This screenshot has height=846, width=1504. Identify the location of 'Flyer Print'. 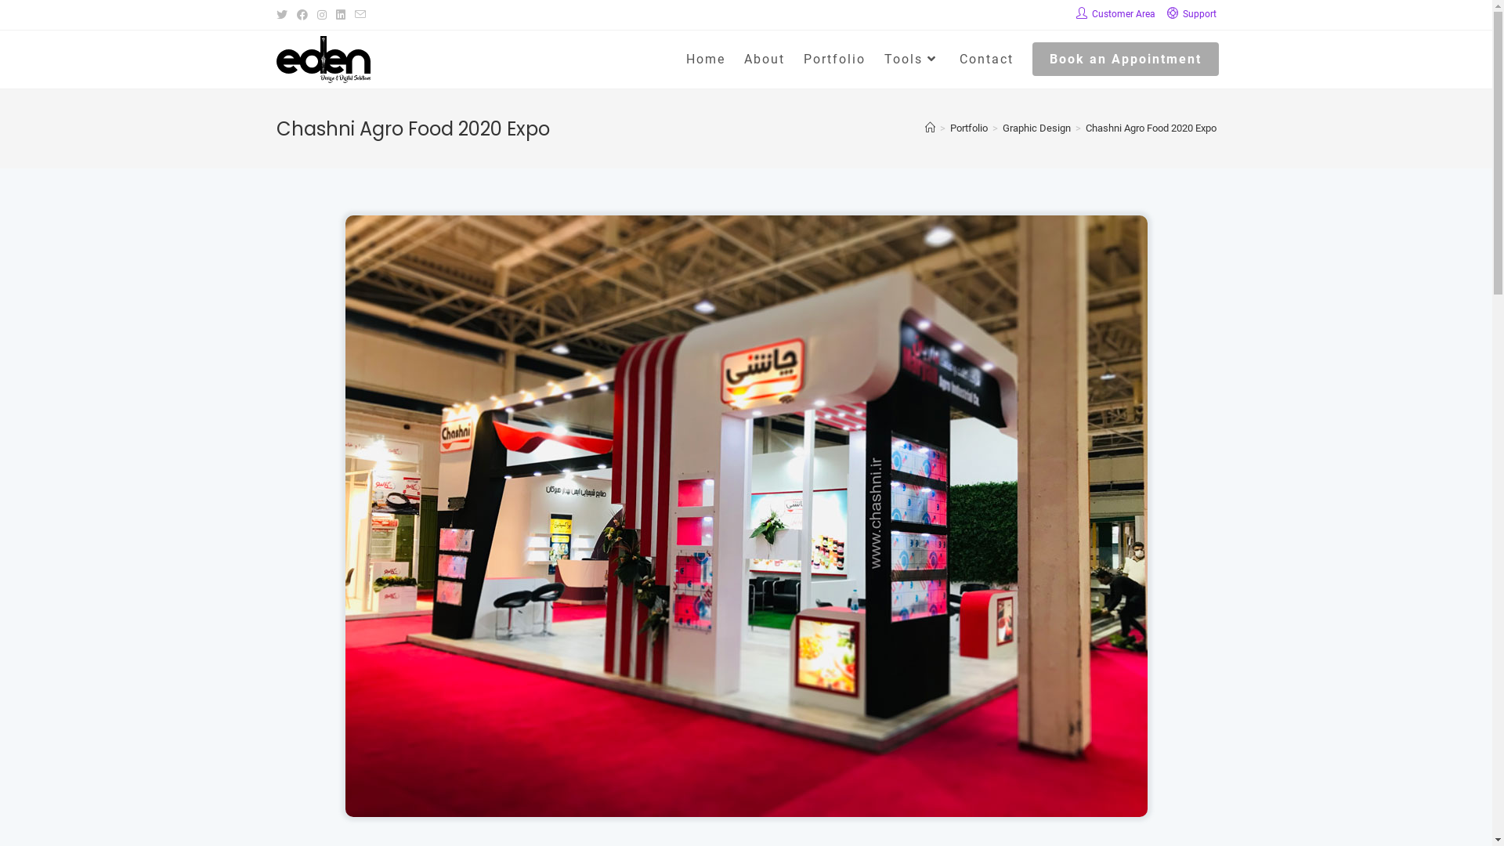
(1097, 533).